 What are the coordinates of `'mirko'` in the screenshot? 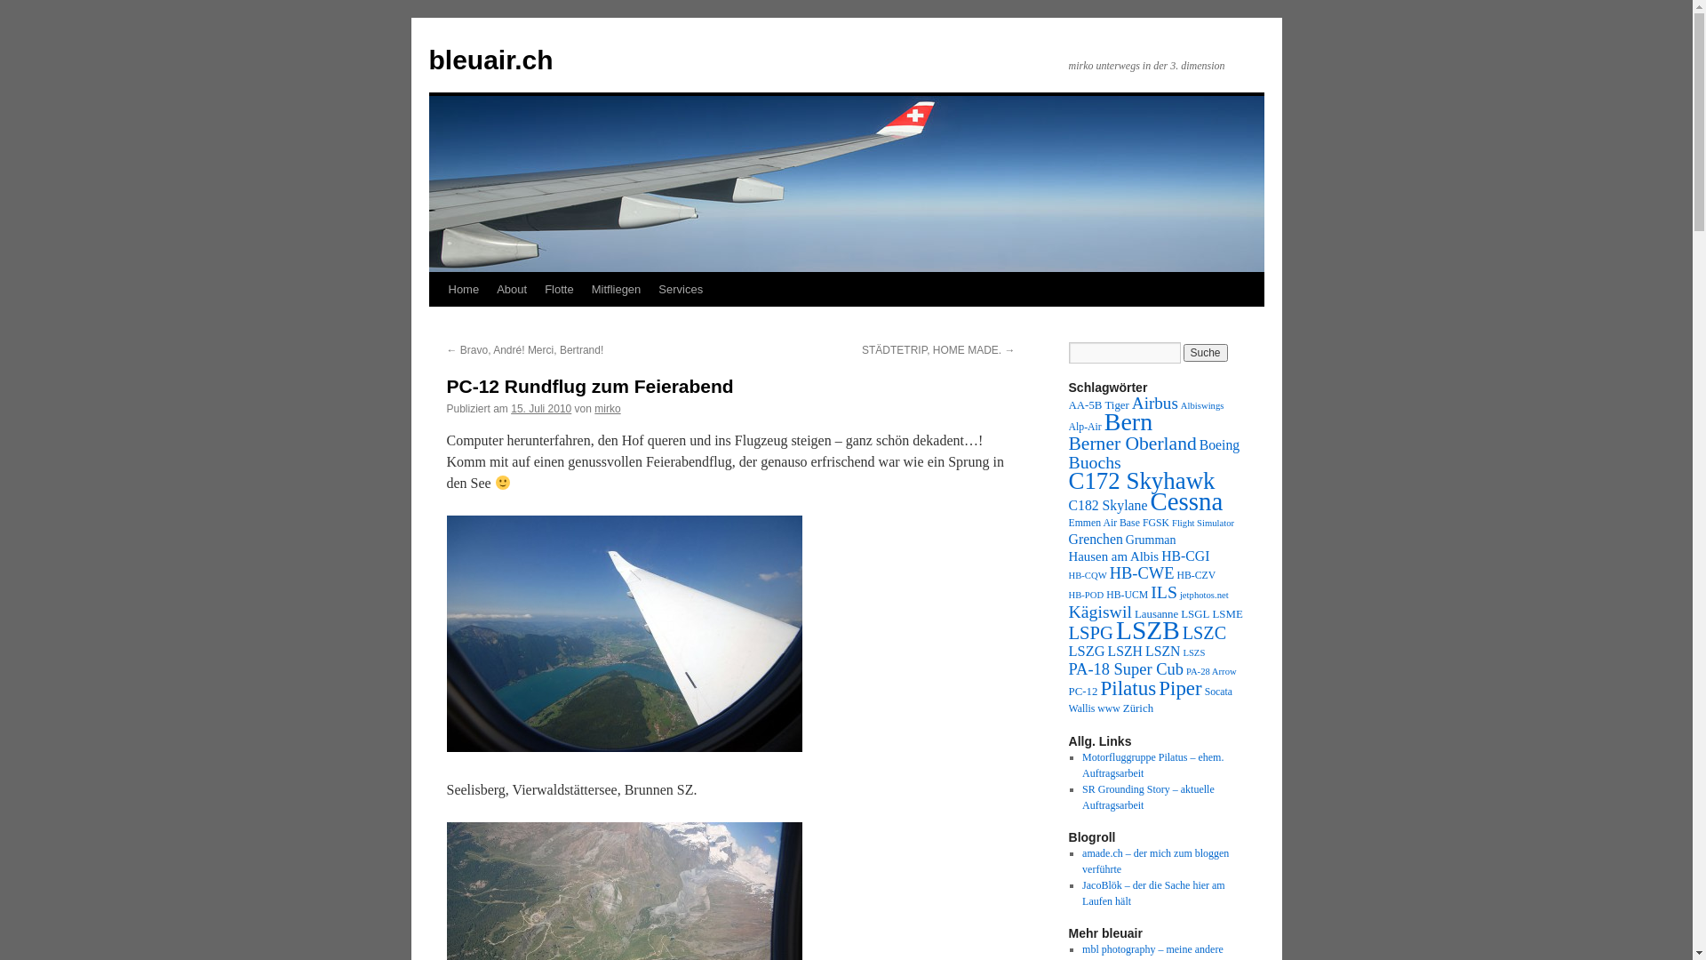 It's located at (607, 408).